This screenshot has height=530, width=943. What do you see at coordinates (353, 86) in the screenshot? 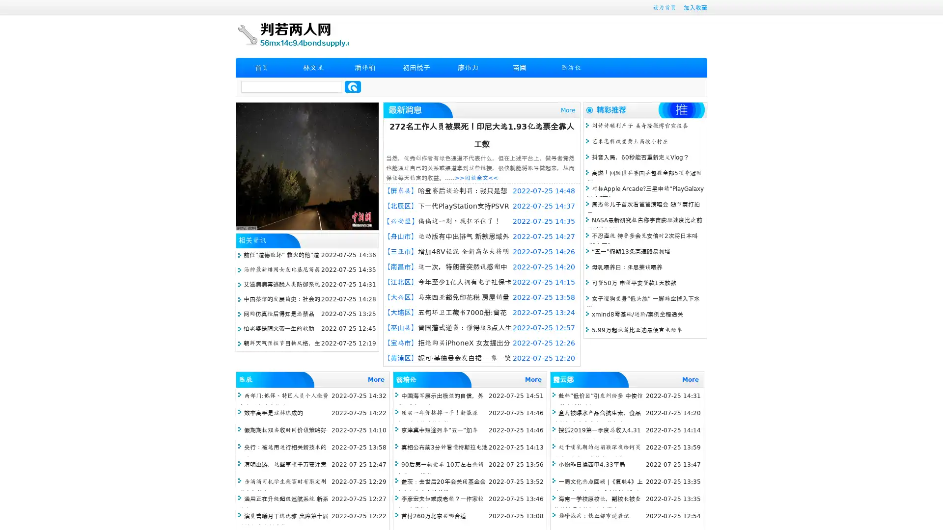
I see `Search` at bounding box center [353, 86].